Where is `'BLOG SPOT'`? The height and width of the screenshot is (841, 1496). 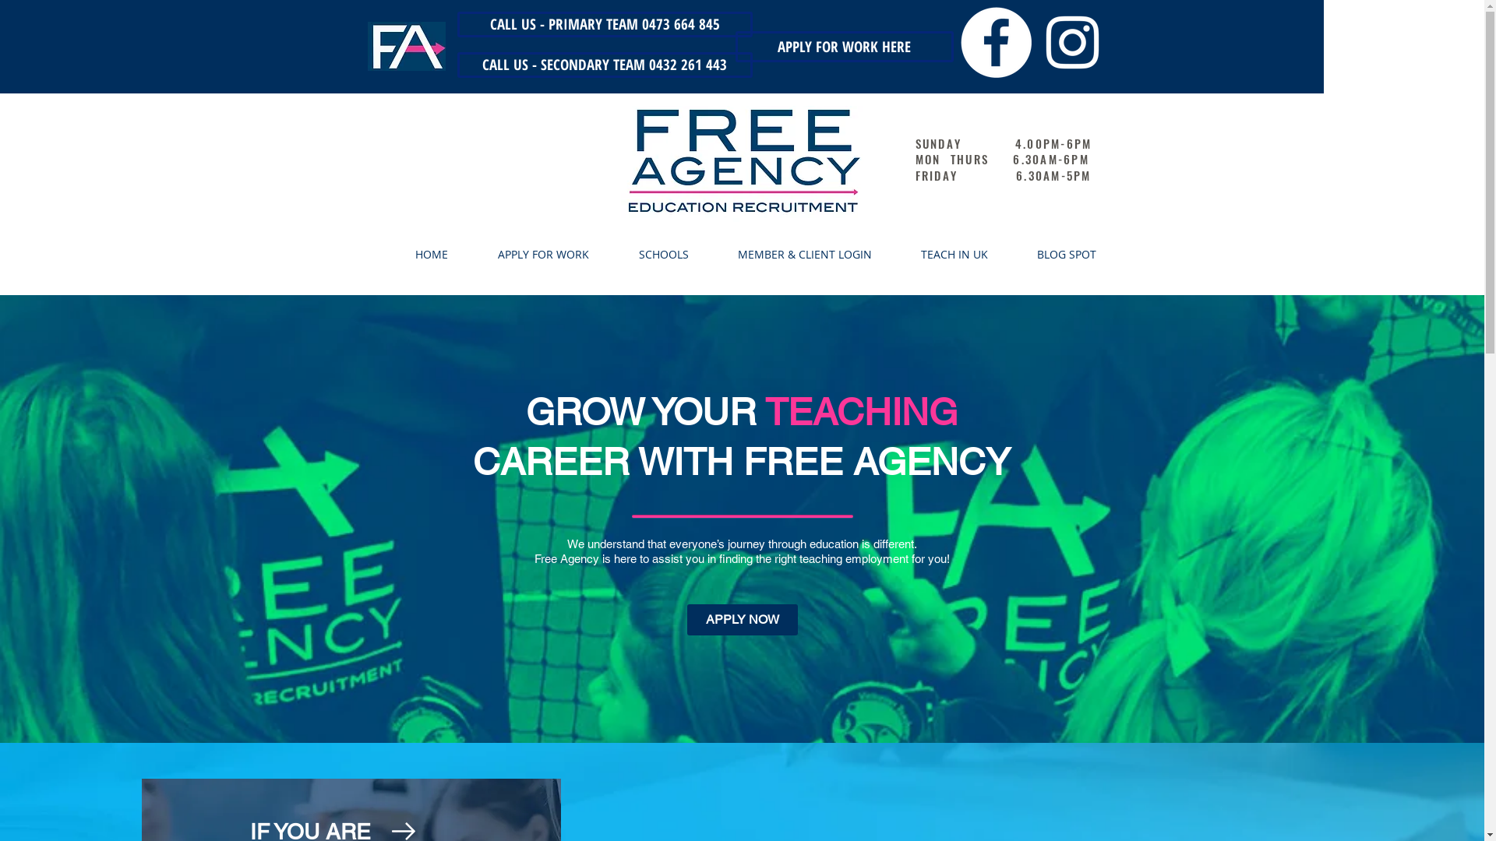
'BLOG SPOT' is located at coordinates (1053, 253).